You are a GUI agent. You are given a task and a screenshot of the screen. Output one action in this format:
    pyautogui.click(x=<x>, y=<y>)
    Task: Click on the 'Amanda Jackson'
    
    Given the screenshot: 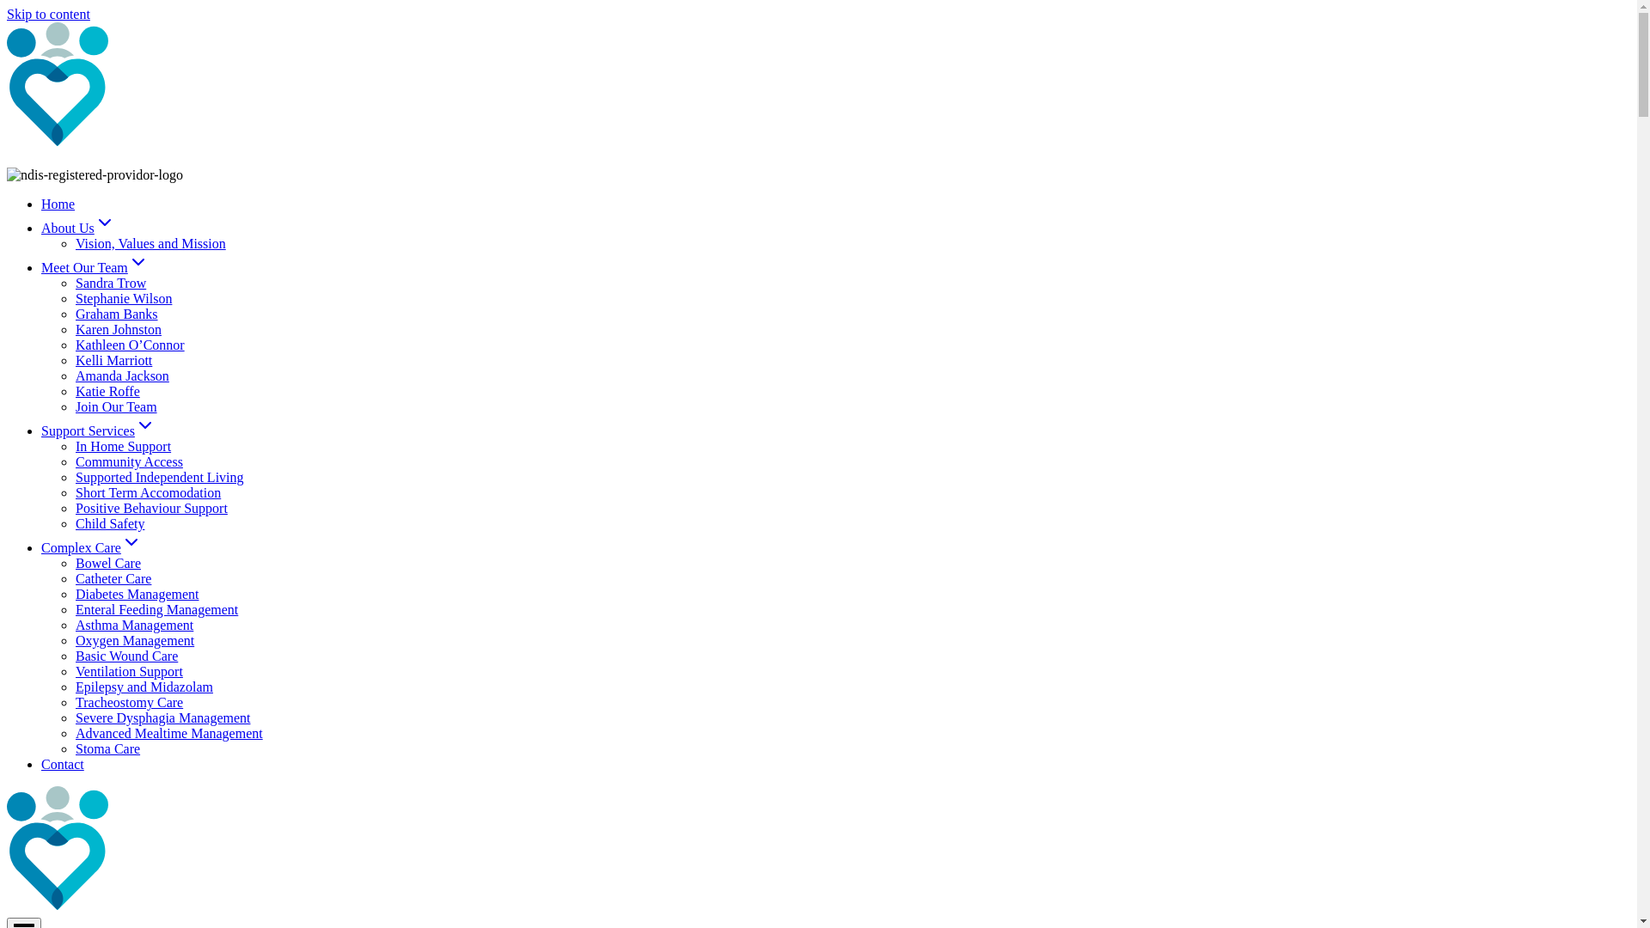 What is the action you would take?
    pyautogui.click(x=121, y=375)
    